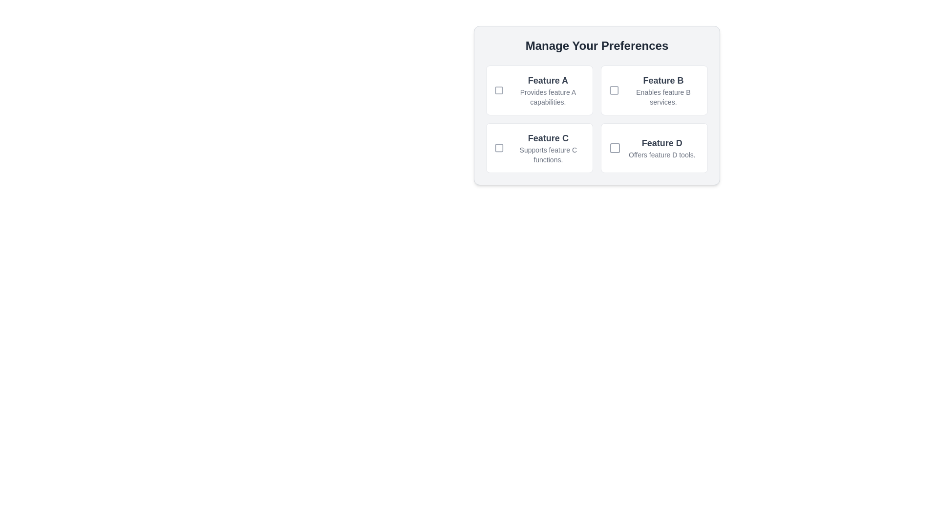  I want to click on informational text block for 'Feature C' located in the bottom left area of the 'Manage Your Preferences' section, so click(548, 148).